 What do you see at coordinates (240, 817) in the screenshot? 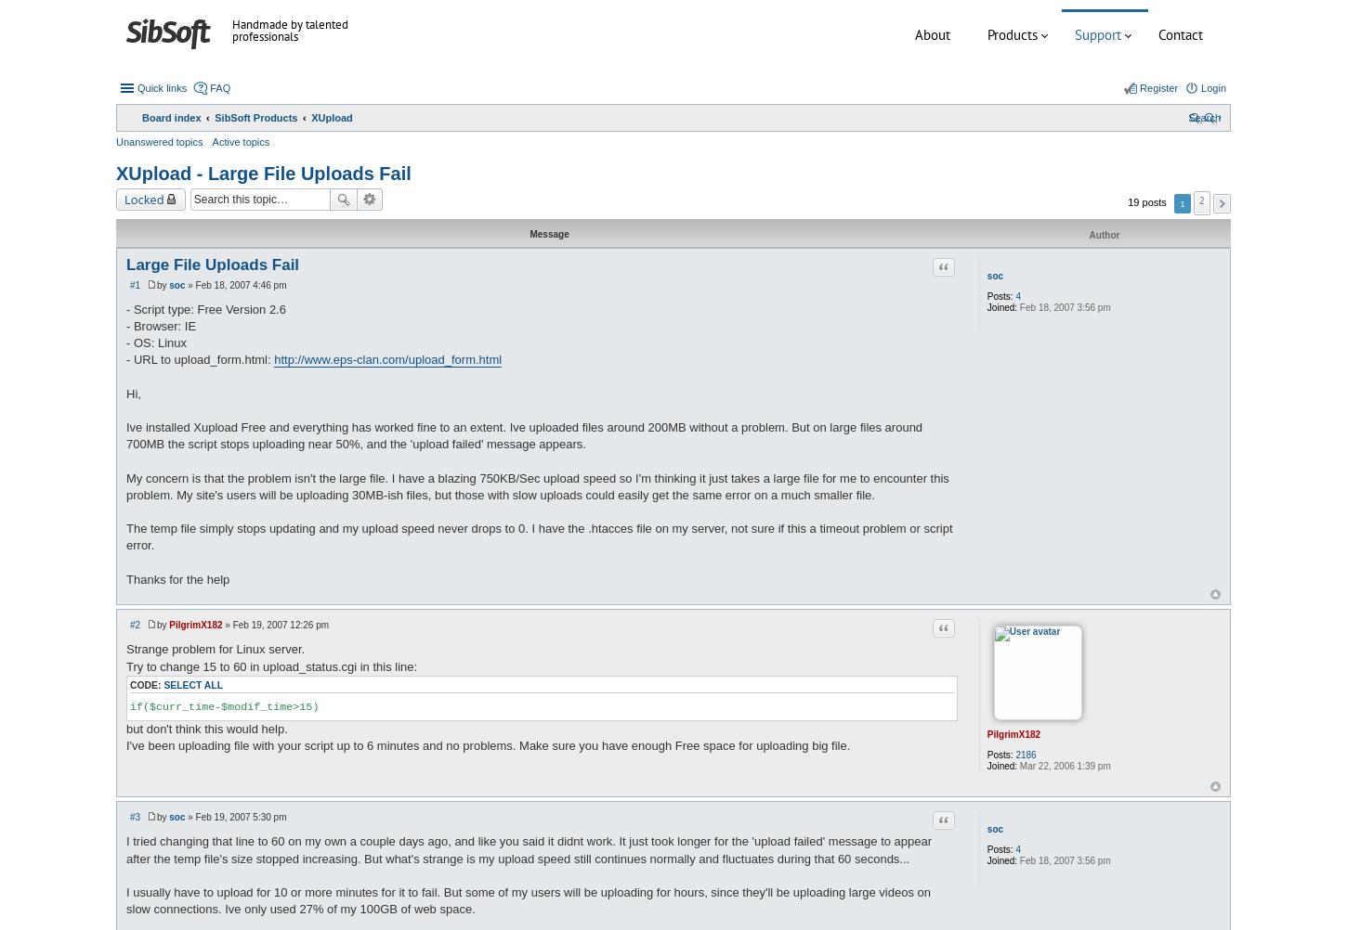
I see `'Feb 19, 2007 5:30 pm'` at bounding box center [240, 817].